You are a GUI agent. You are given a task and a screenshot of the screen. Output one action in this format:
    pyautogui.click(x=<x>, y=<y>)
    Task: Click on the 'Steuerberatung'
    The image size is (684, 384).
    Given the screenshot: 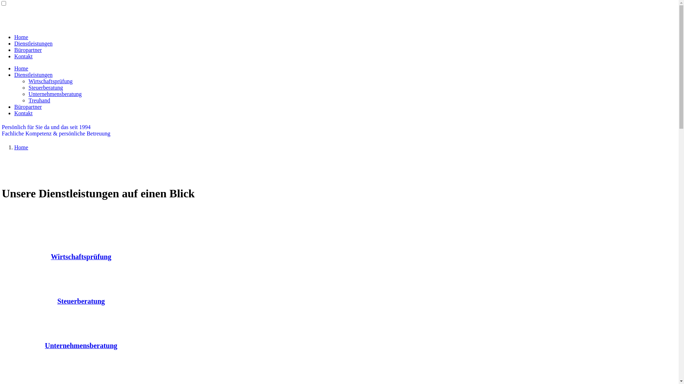 What is the action you would take?
    pyautogui.click(x=81, y=302)
    